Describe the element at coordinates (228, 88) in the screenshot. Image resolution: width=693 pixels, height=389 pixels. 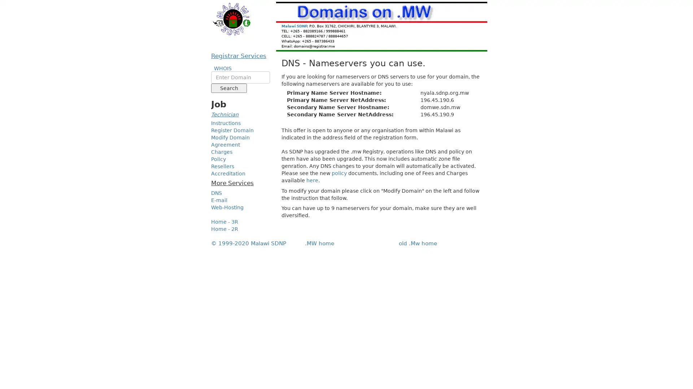
I see `Search` at that location.